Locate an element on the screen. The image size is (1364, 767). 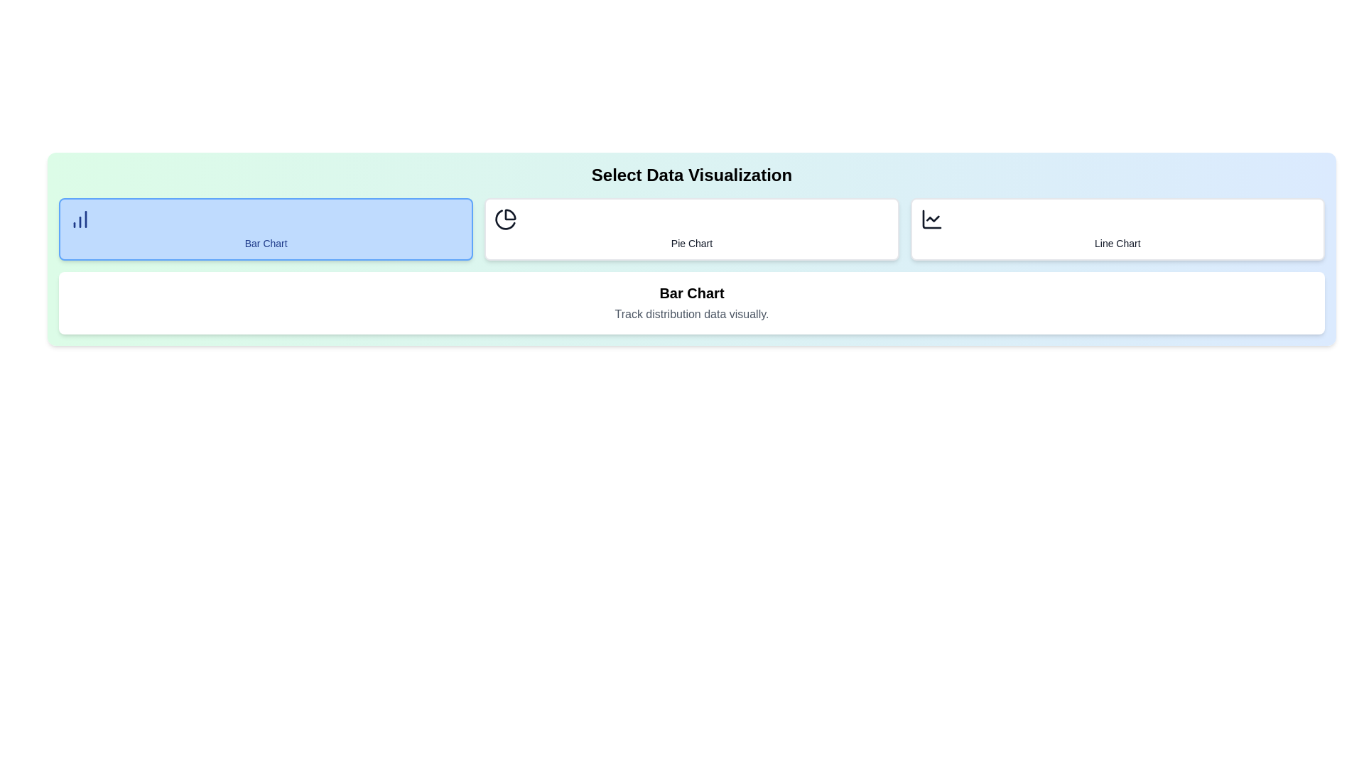
the selection button for viewing the line chart visualization, which is the third card in a row of three options located to the far right is located at coordinates (1117, 229).